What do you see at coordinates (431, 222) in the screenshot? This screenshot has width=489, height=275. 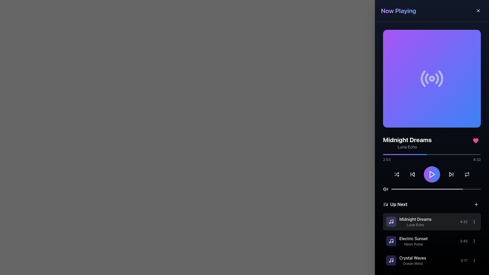 I see `the first song list item displaying 'Midnight Dreams' by 'Luna Echo'` at bounding box center [431, 222].